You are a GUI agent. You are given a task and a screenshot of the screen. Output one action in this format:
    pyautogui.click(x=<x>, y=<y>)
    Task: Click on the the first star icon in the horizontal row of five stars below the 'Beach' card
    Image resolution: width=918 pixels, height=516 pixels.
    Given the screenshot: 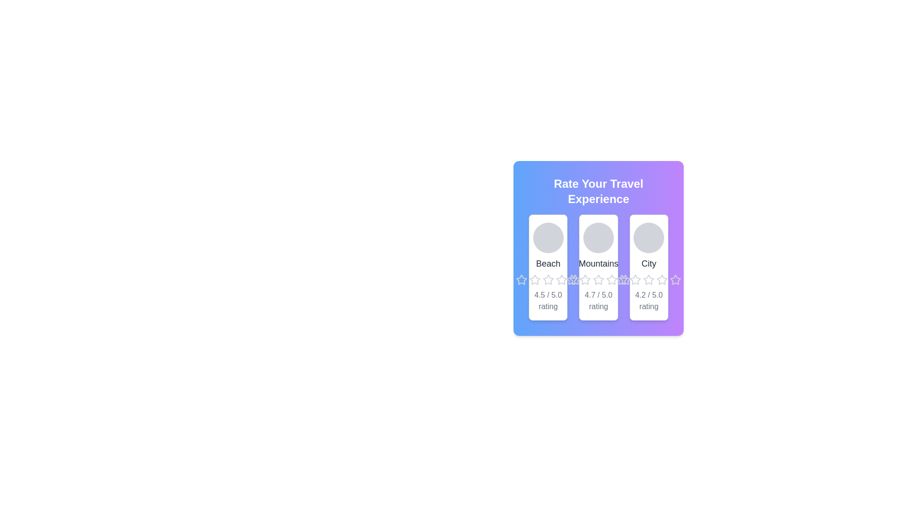 What is the action you would take?
    pyautogui.click(x=534, y=279)
    